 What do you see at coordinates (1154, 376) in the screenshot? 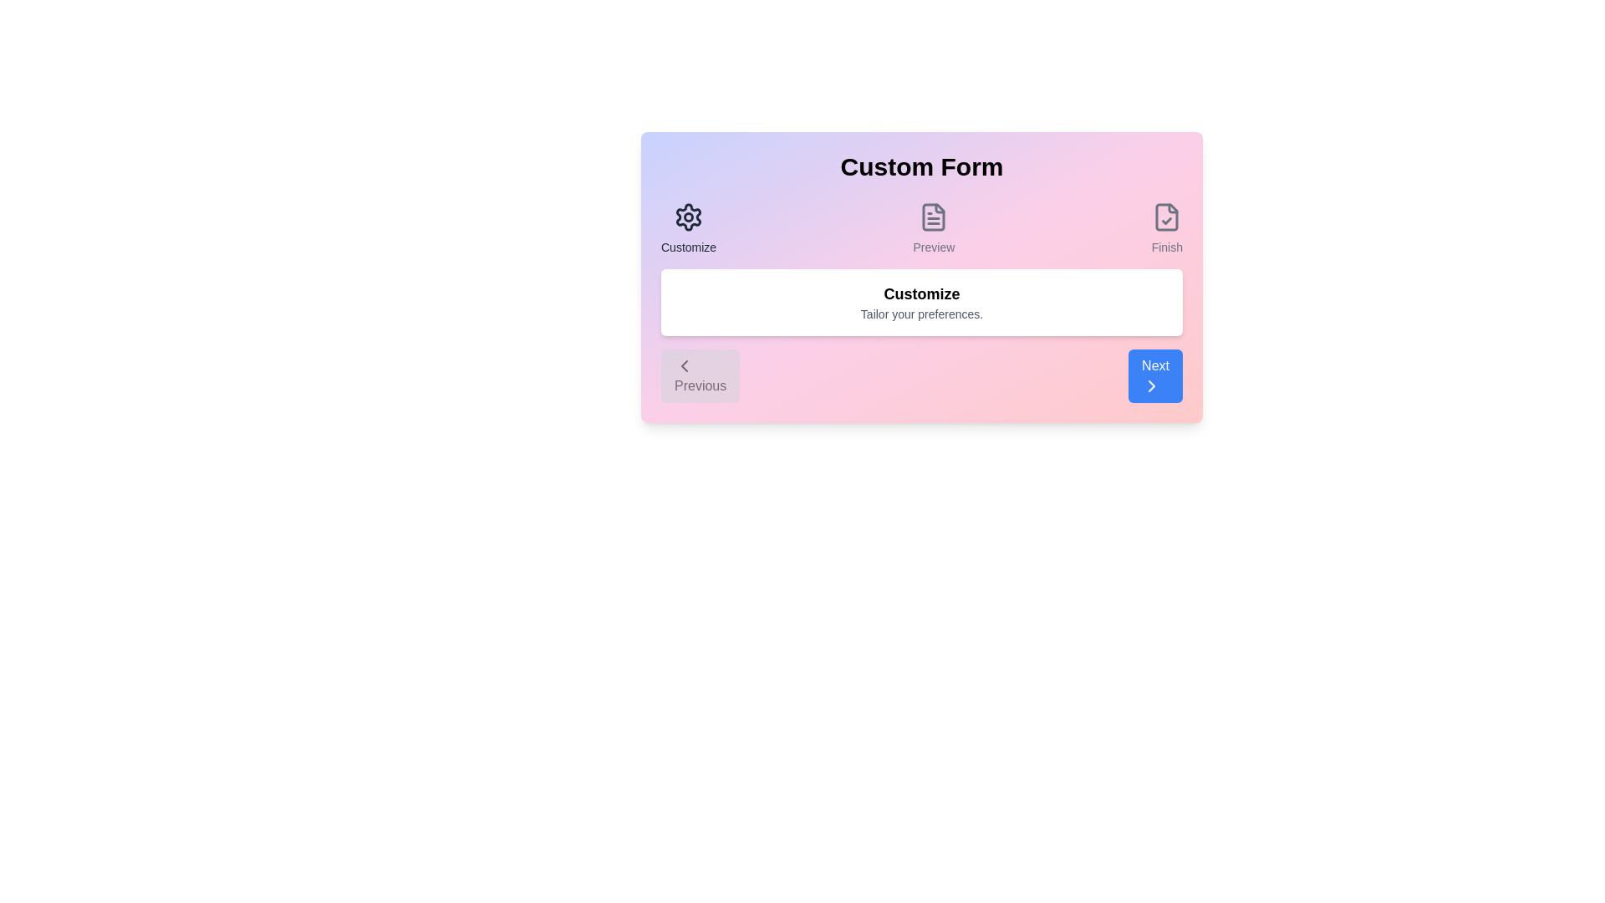
I see `the button labeled Next to observe visual feedback` at bounding box center [1154, 376].